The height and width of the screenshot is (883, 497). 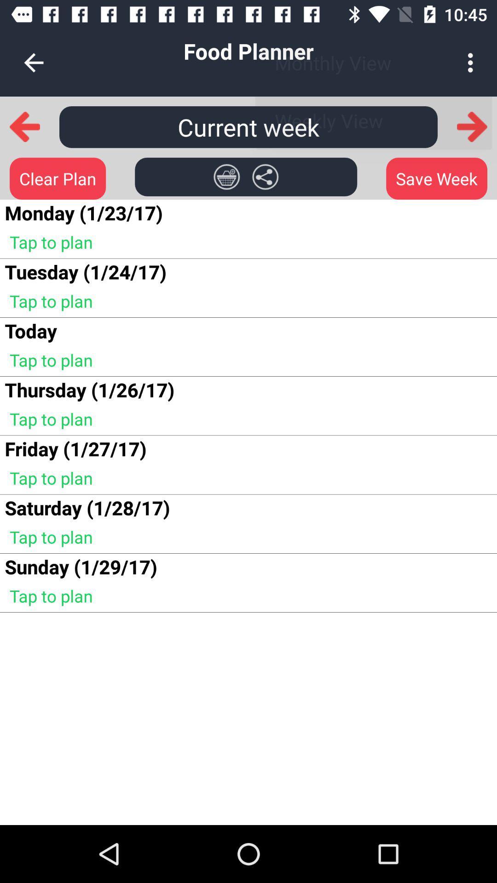 What do you see at coordinates (58, 178) in the screenshot?
I see `clear plan` at bounding box center [58, 178].